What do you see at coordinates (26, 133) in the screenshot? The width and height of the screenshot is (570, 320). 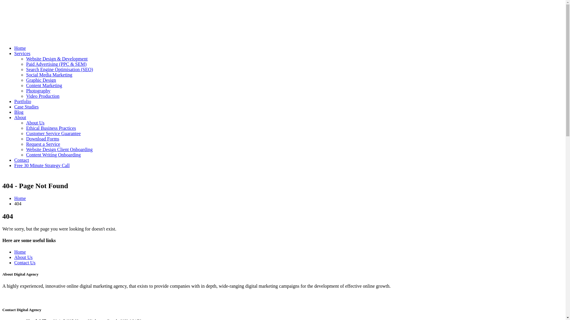 I see `'Customer Service Guarantee'` at bounding box center [26, 133].